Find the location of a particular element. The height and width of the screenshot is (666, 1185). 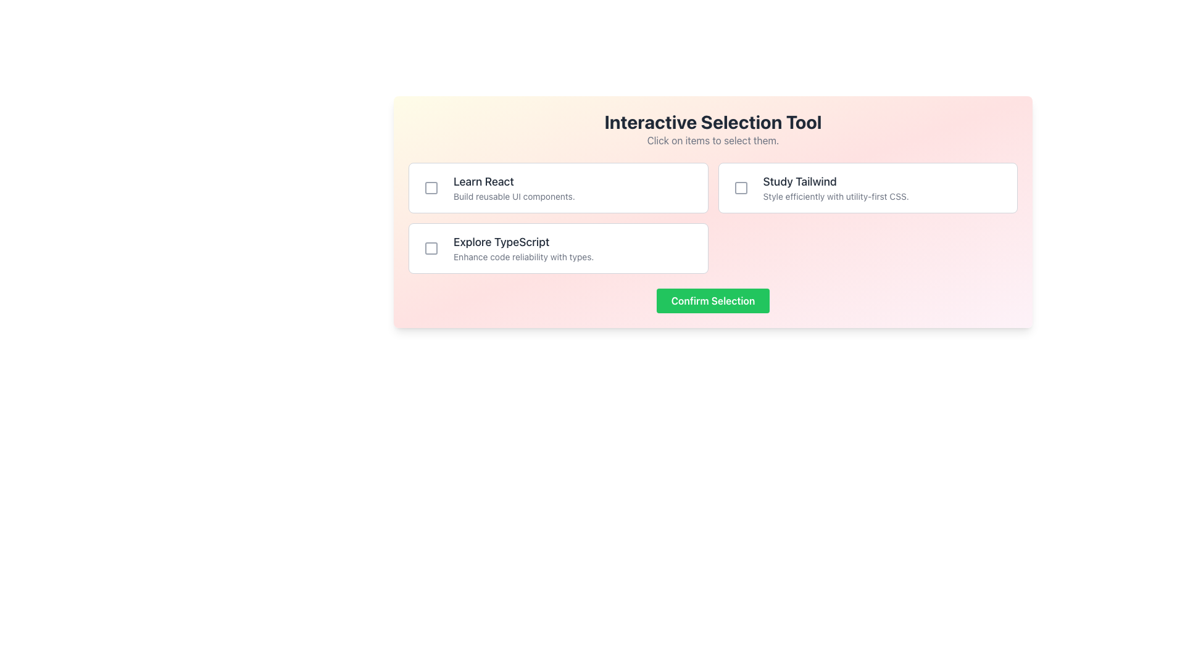

the gray square icon resembling a checkbox located on the left side of the 'Explore TypeScript' card, which is the third card in a vertical list of selectable items is located at coordinates (431, 248).